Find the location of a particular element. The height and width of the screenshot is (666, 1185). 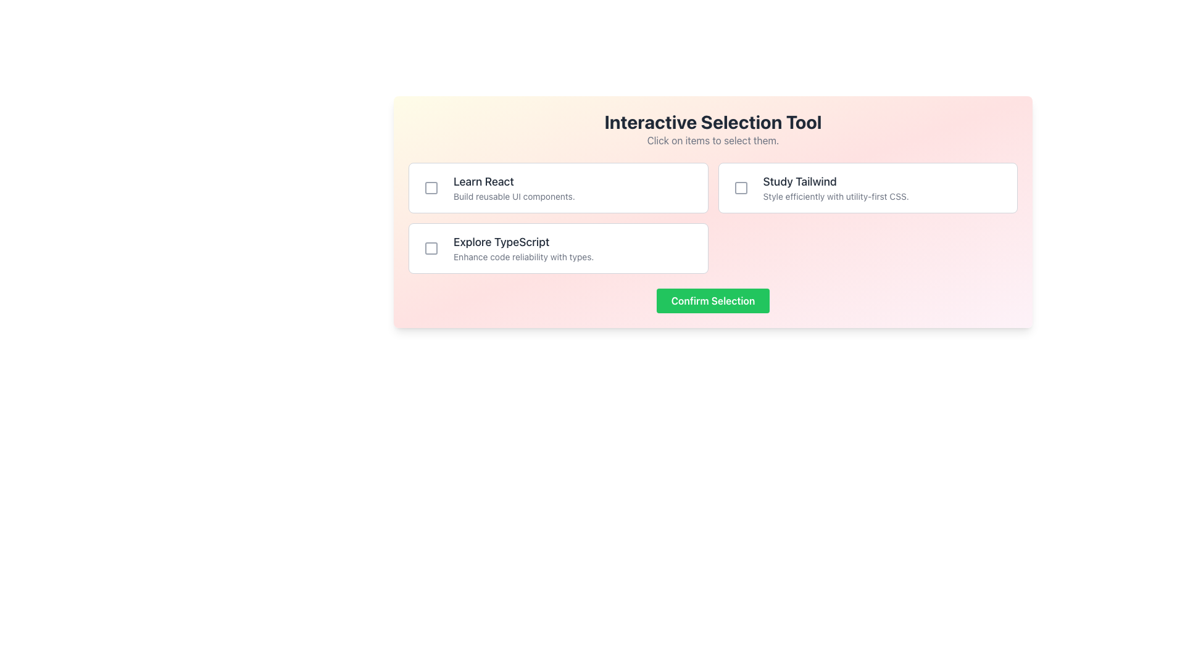

the gray square icon resembling a checkbox located on the left side of the 'Explore TypeScript' card, which is the third card in a vertical list of selectable items is located at coordinates (431, 248).